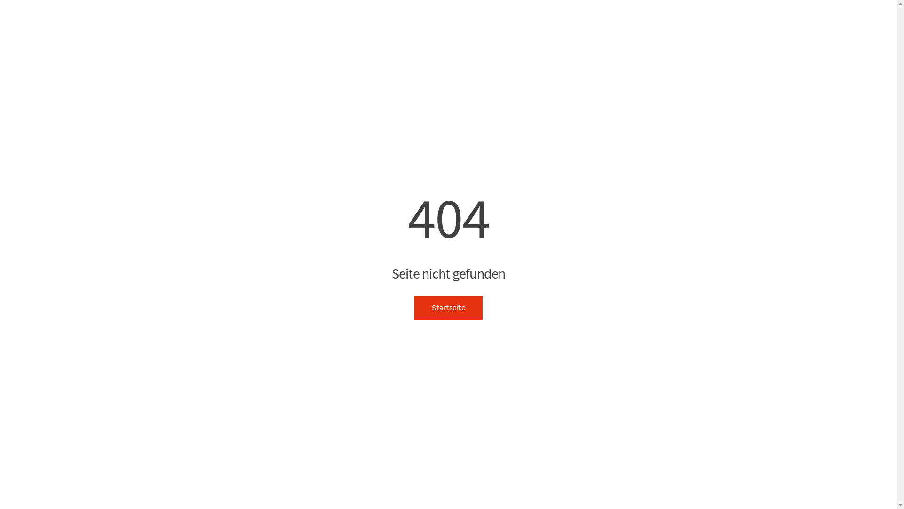  Describe the element at coordinates (448, 307) in the screenshot. I see `'Startseite'` at that location.